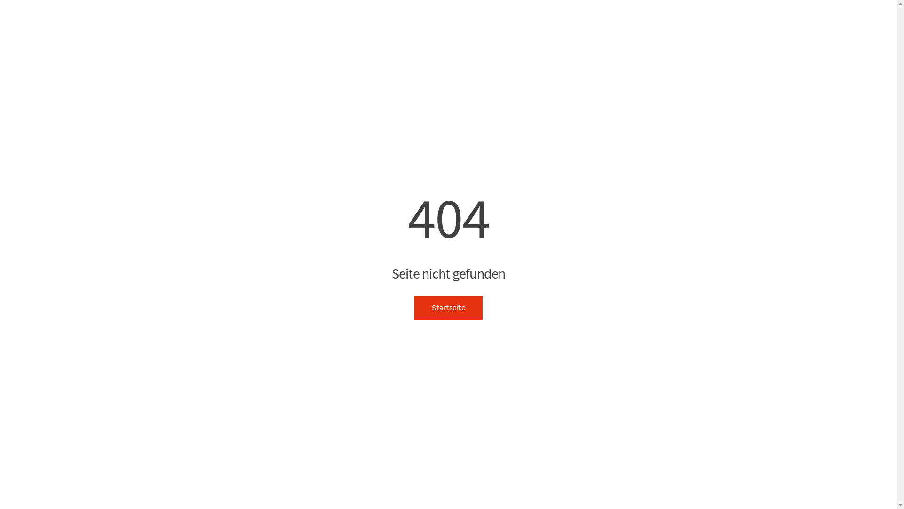  Describe the element at coordinates (448, 307) in the screenshot. I see `'Startseite'` at that location.